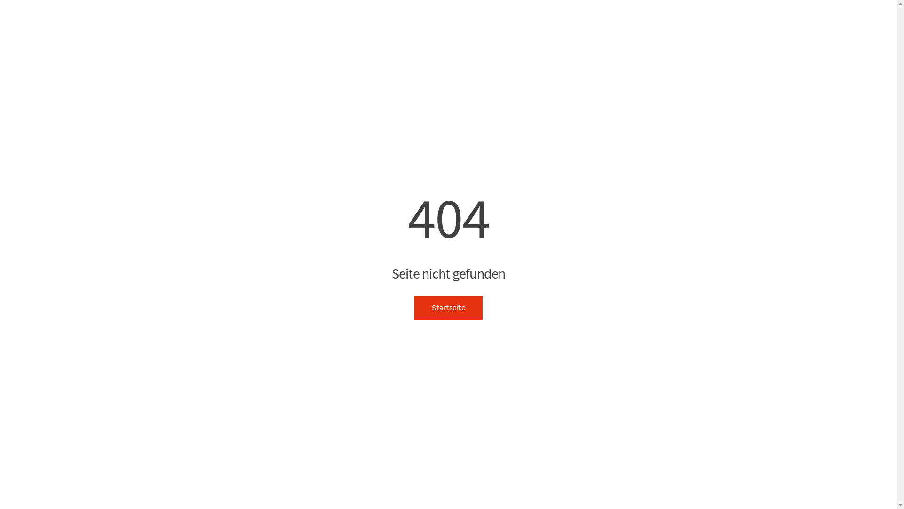  Describe the element at coordinates (448, 307) in the screenshot. I see `'Startseite'` at that location.